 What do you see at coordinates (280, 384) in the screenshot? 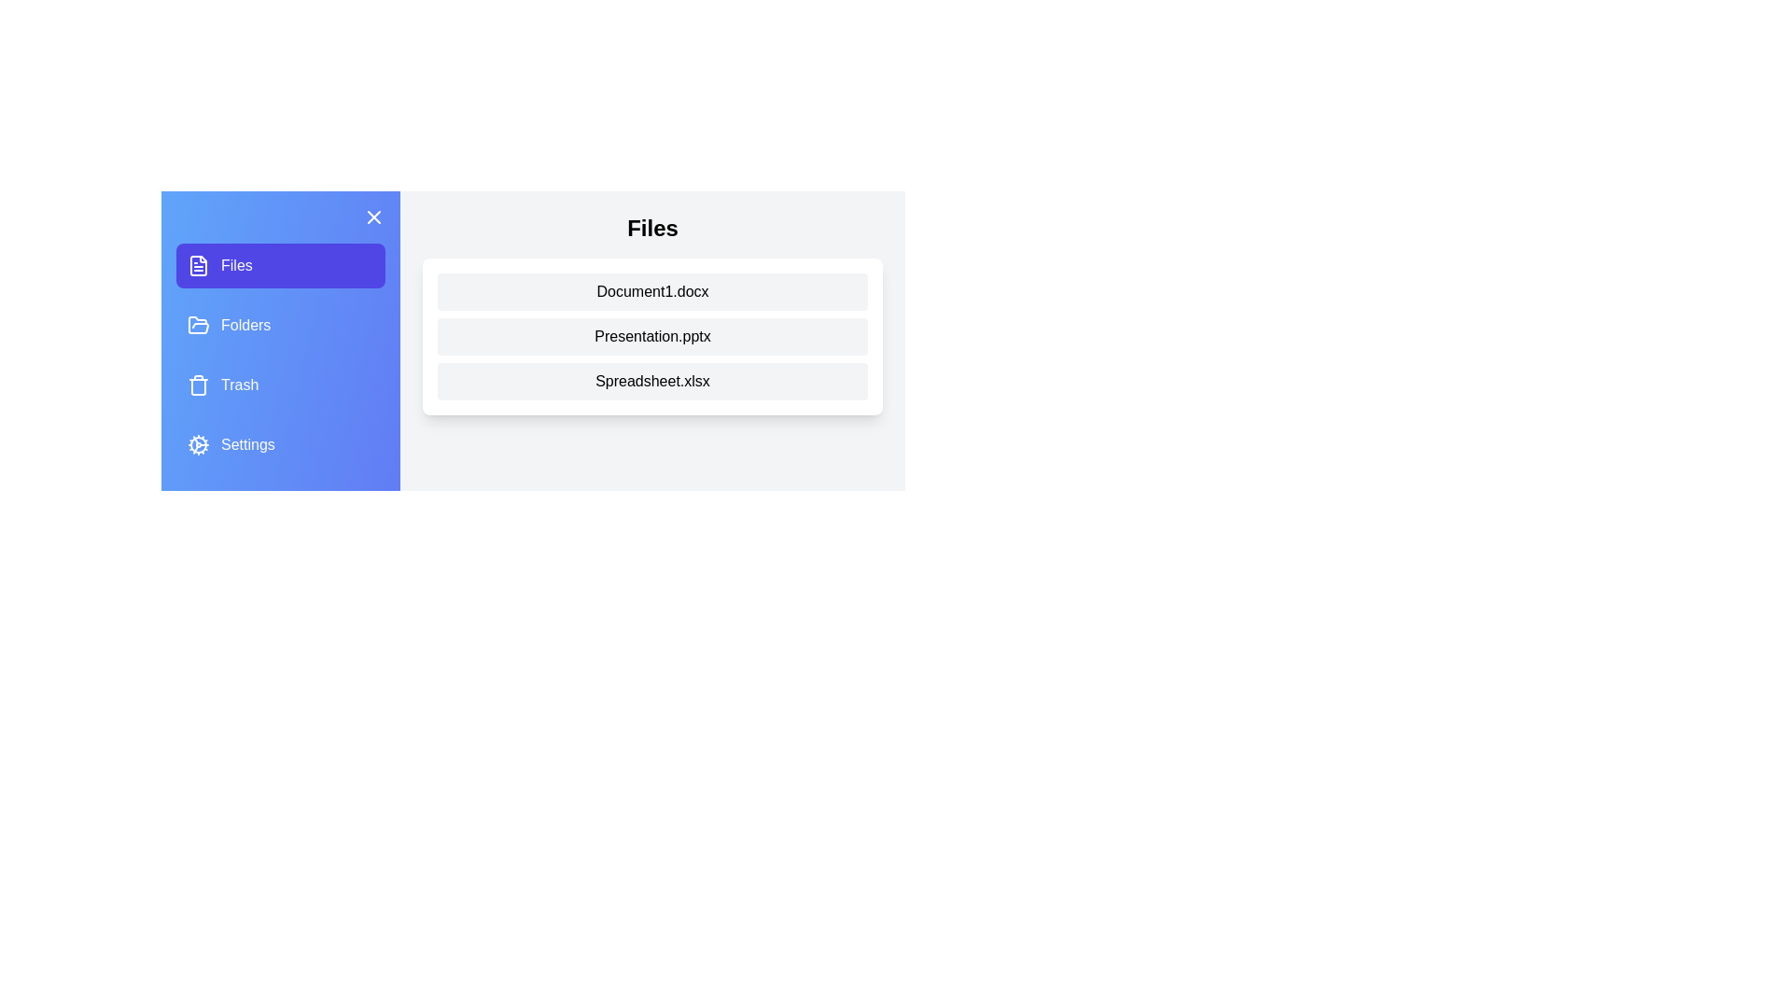
I see `the Trash tab from the menu` at bounding box center [280, 384].